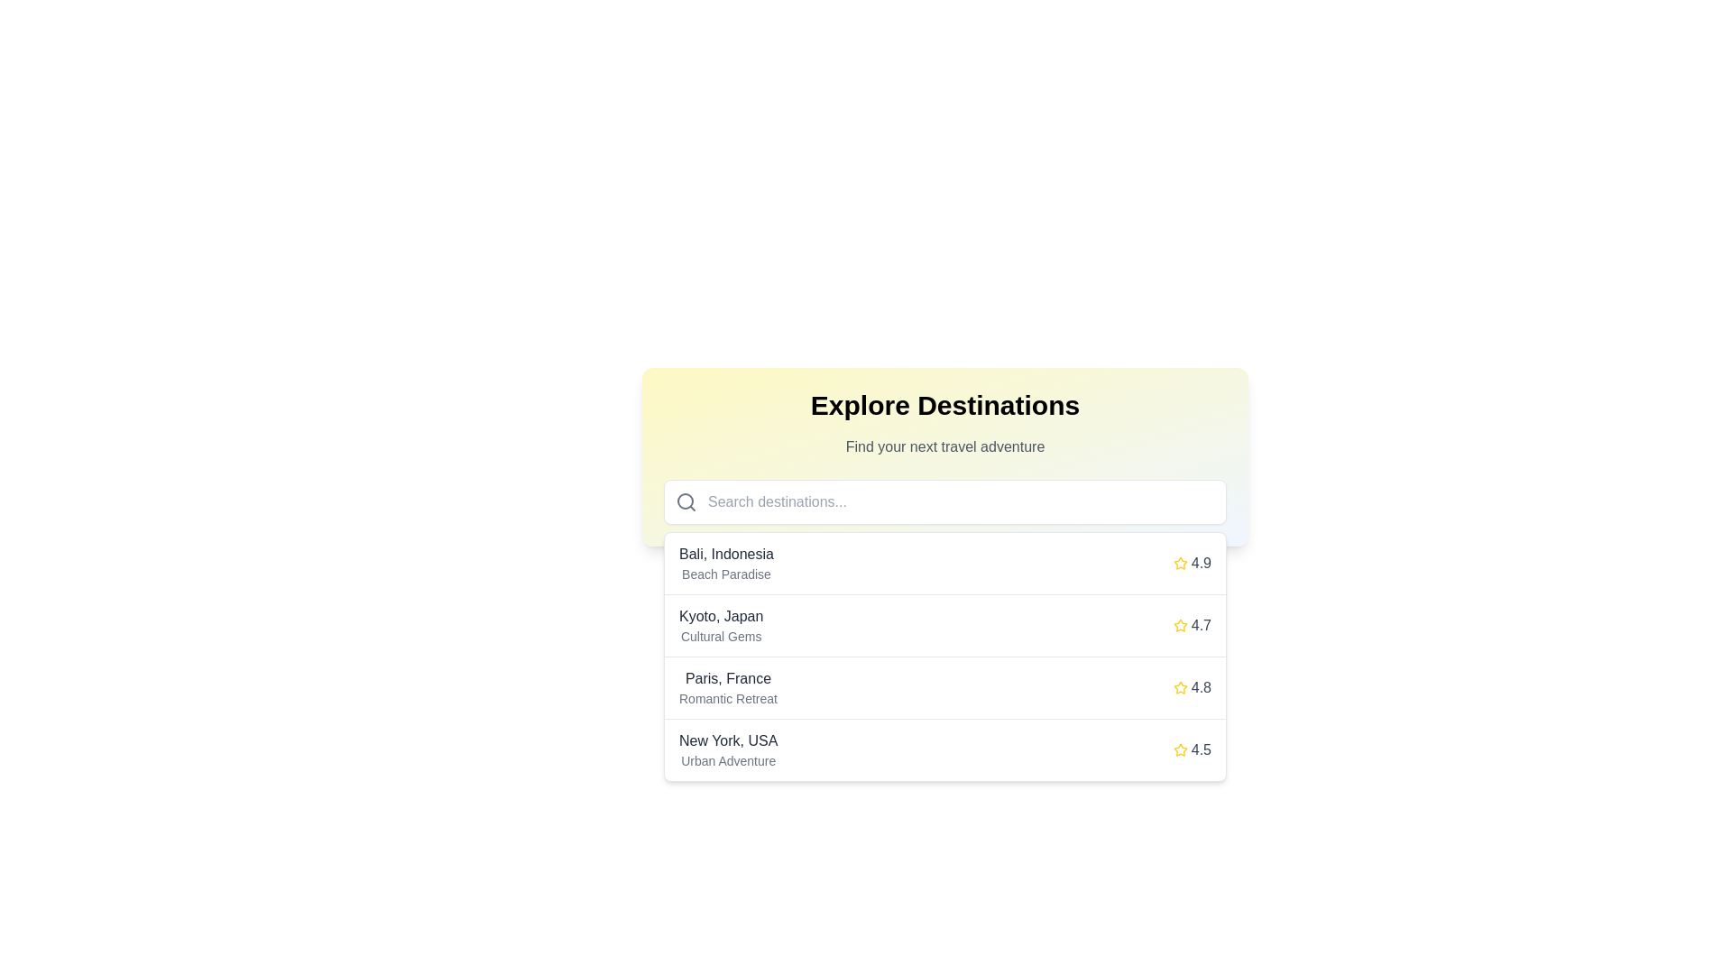 This screenshot has width=1732, height=974. I want to click on text displayed in the Label element that shows 'Urban Adventure', which is in a small gray font and located below 'New York, USA', so click(728, 761).